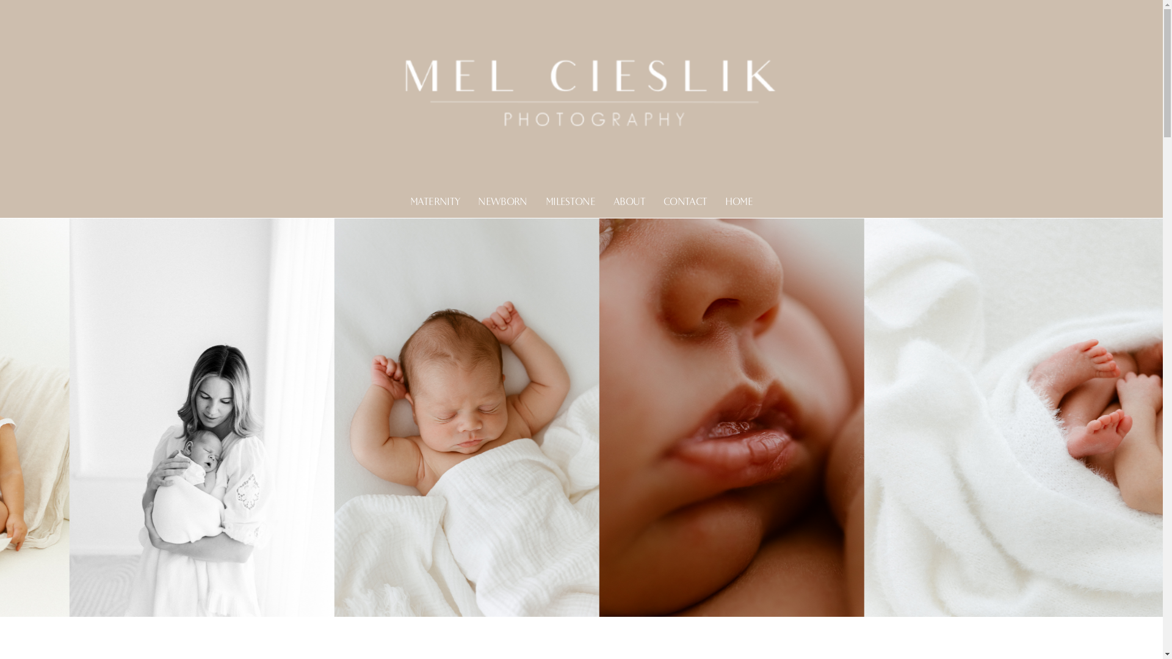 The image size is (1172, 659). What do you see at coordinates (662, 201) in the screenshot?
I see `'CONTACT'` at bounding box center [662, 201].